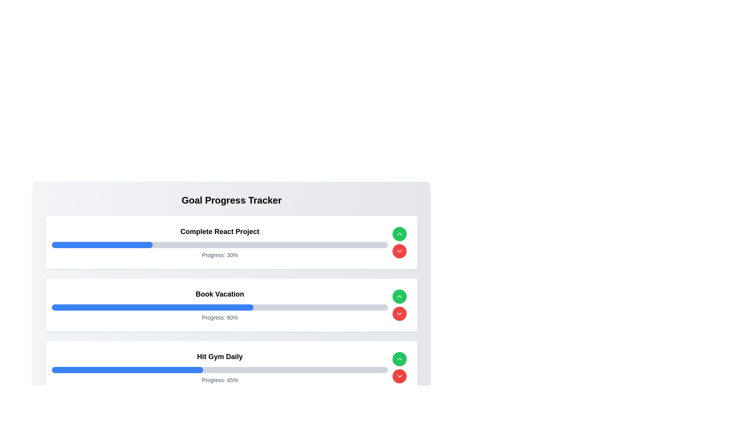  Describe the element at coordinates (127, 370) in the screenshot. I see `the progress bar representing the 'Hit Gym Daily' task, which visually indicates the task's completion within the larger gray progress bar` at that location.